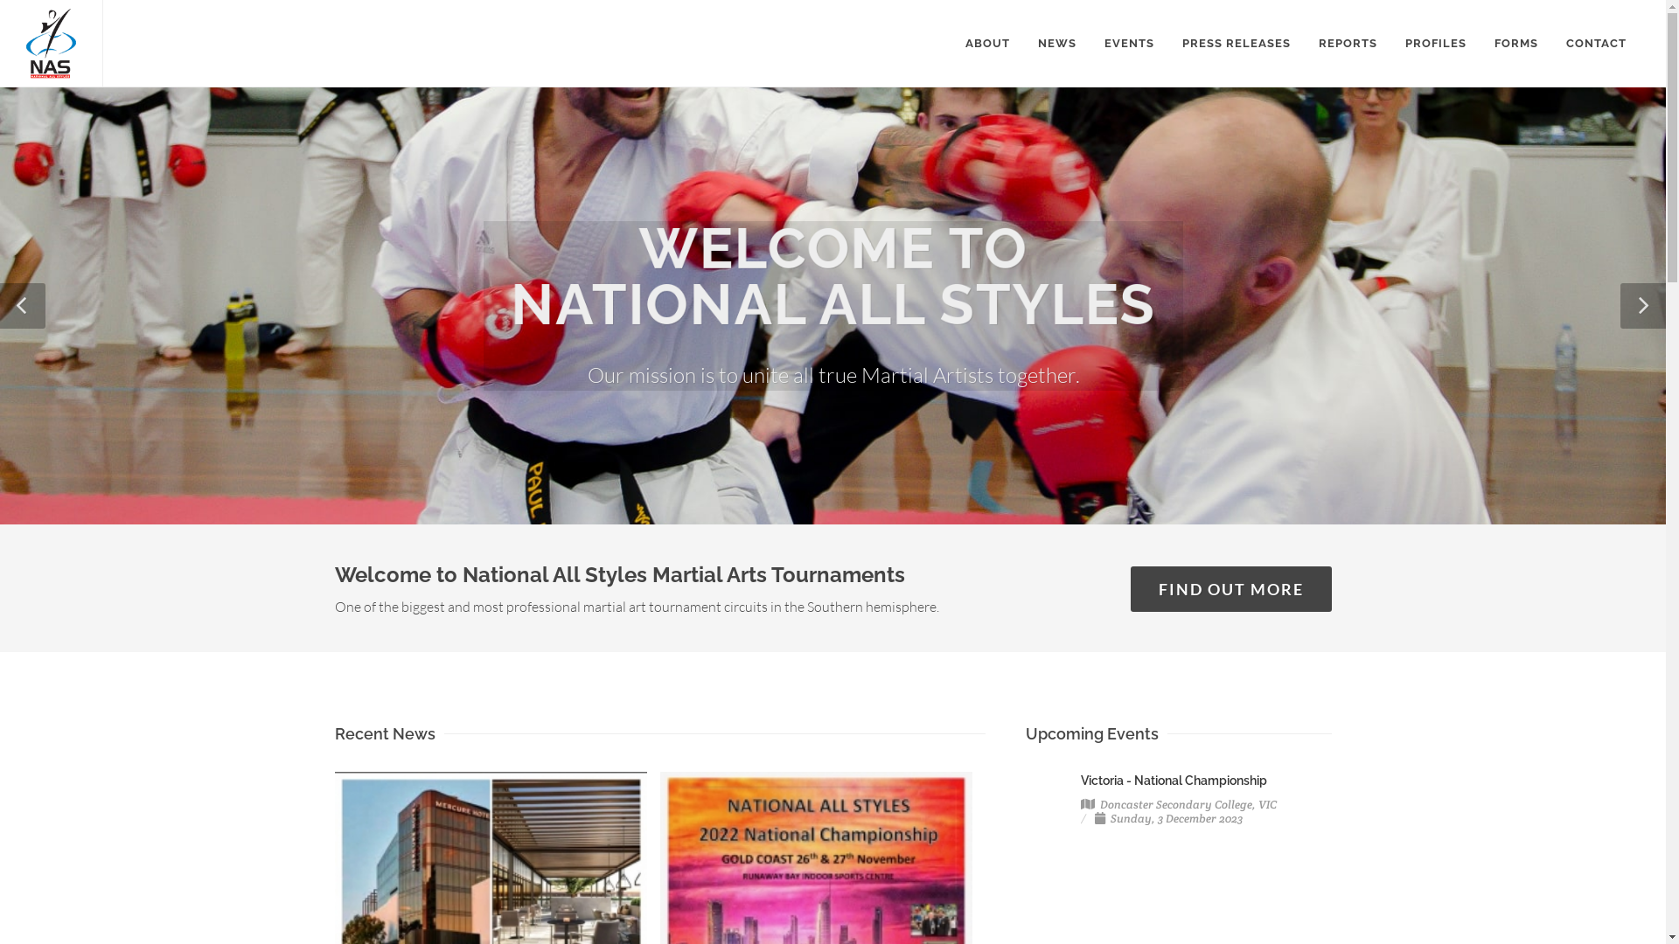  Describe the element at coordinates (1347, 43) in the screenshot. I see `'REPORTS'` at that location.